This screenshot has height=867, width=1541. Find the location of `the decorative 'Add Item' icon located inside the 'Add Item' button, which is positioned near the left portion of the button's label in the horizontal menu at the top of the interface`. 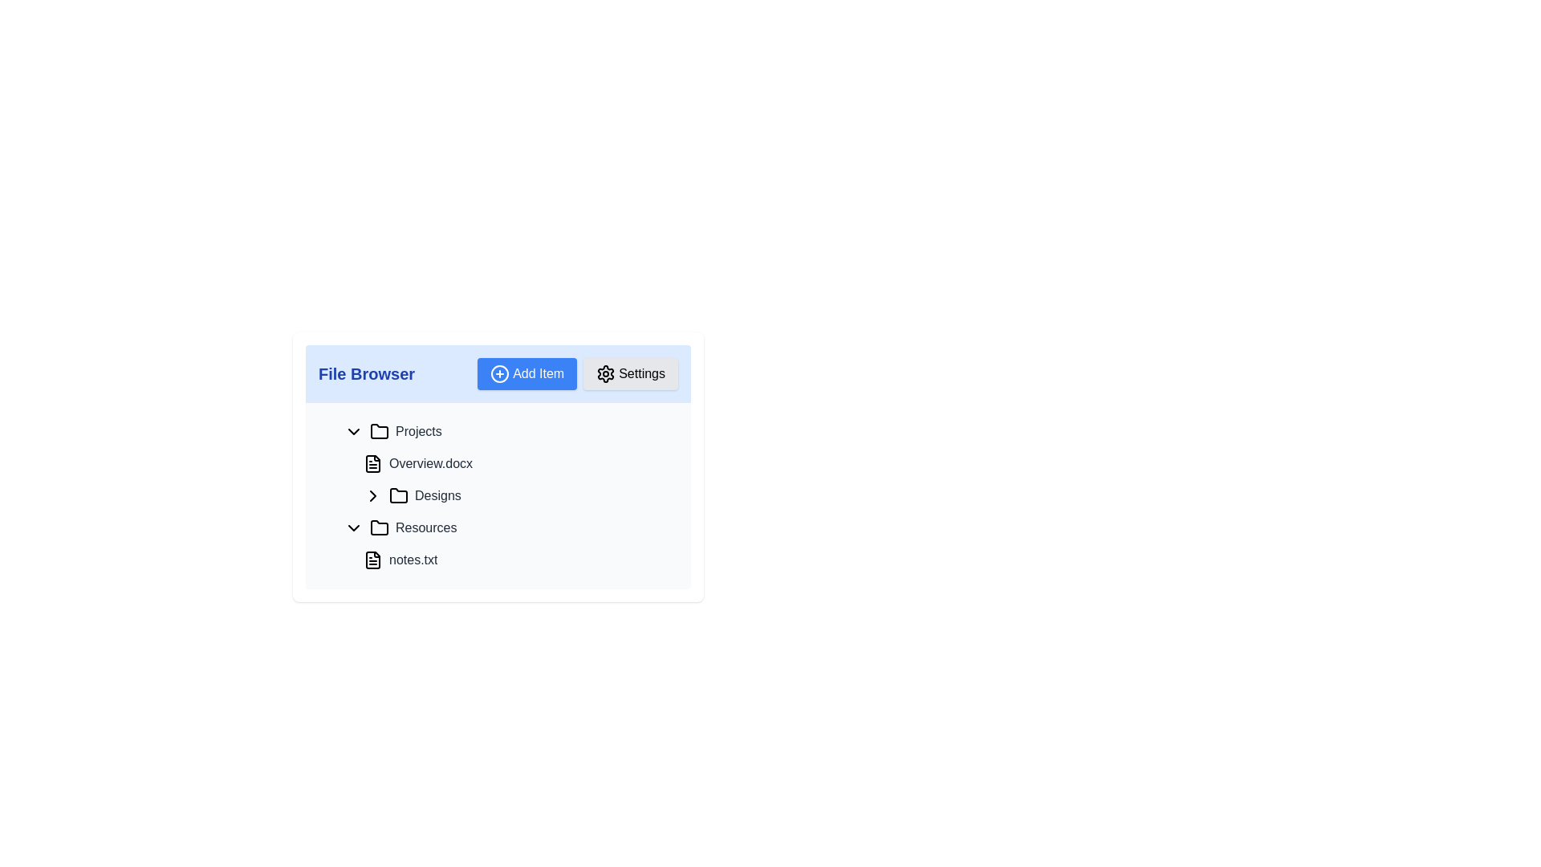

the decorative 'Add Item' icon located inside the 'Add Item' button, which is positioned near the left portion of the button's label in the horizontal menu at the top of the interface is located at coordinates (499, 374).